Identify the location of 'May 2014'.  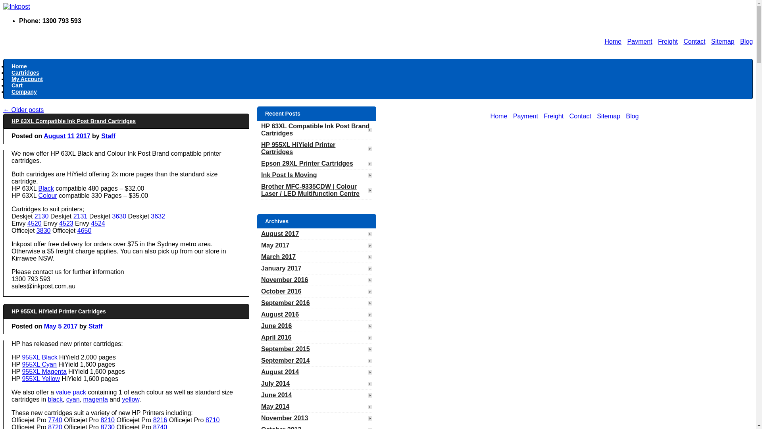
(261, 406).